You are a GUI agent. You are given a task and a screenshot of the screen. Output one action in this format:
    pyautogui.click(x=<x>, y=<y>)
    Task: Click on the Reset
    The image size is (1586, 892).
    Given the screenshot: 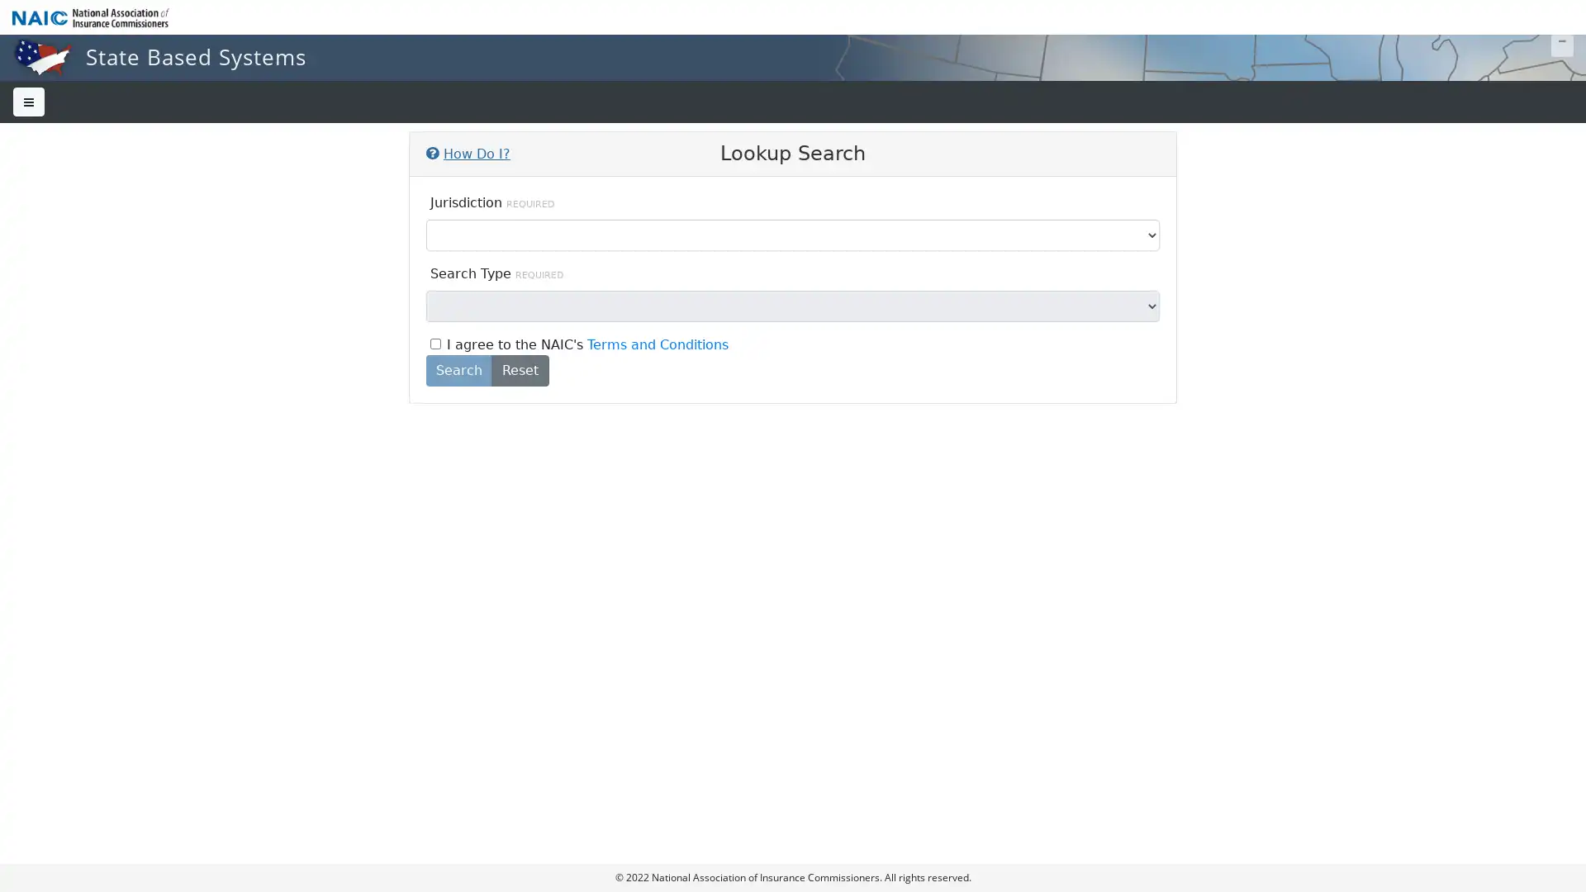 What is the action you would take?
    pyautogui.click(x=519, y=368)
    